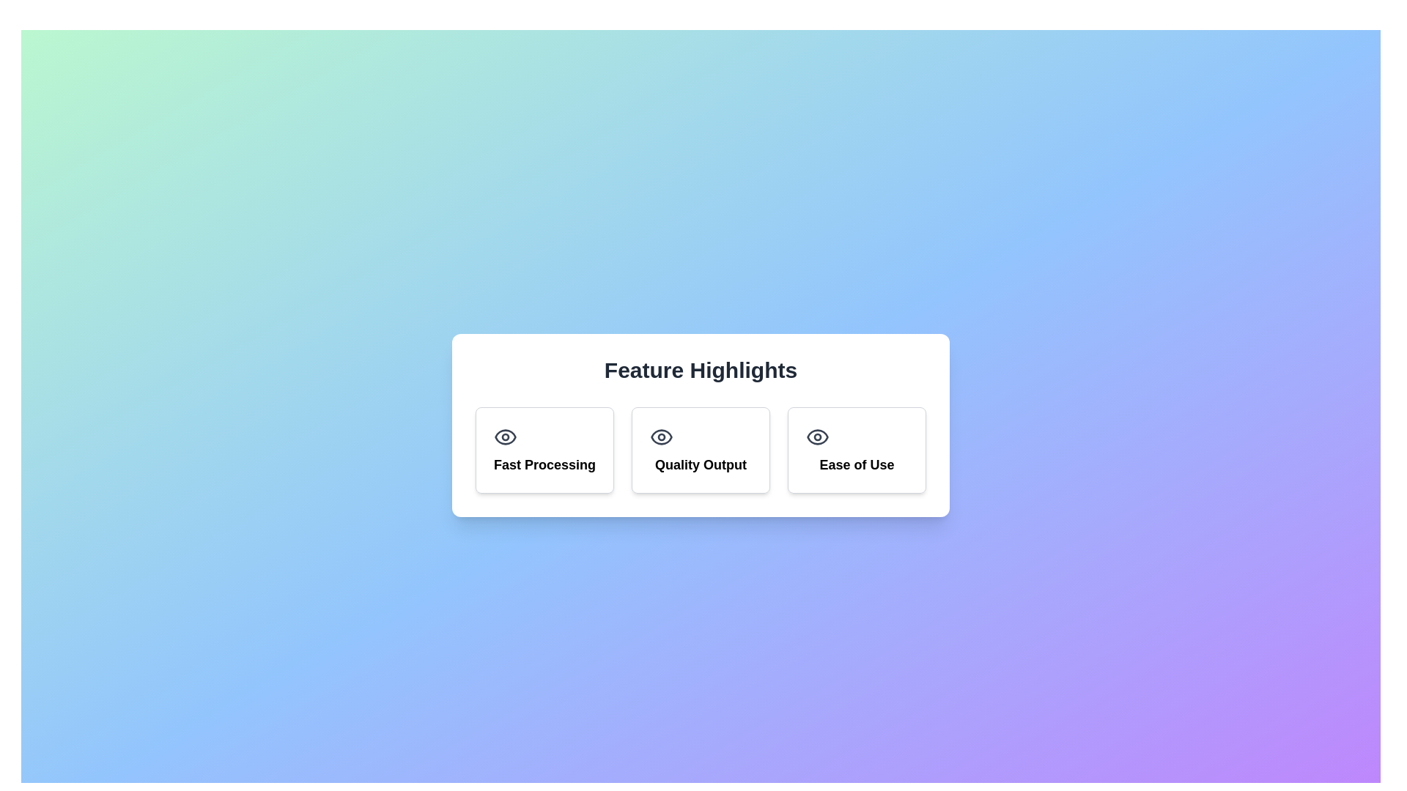 Image resolution: width=1407 pixels, height=791 pixels. I want to click on the 'Ease of Use' icon located in the rightmost card of the 'Feature Highlights' section, which visually represents the feature's clarity and accessibility, so click(817, 437).